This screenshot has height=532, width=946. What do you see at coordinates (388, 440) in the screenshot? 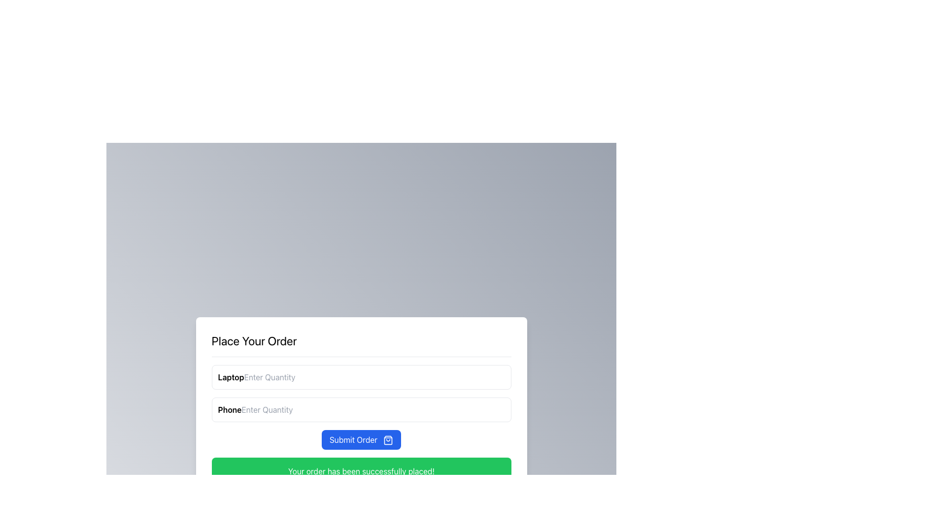
I see `the shopping bag icon located within the 'Submit Order' button, positioned to the right of the text 'Submit Order'` at bounding box center [388, 440].